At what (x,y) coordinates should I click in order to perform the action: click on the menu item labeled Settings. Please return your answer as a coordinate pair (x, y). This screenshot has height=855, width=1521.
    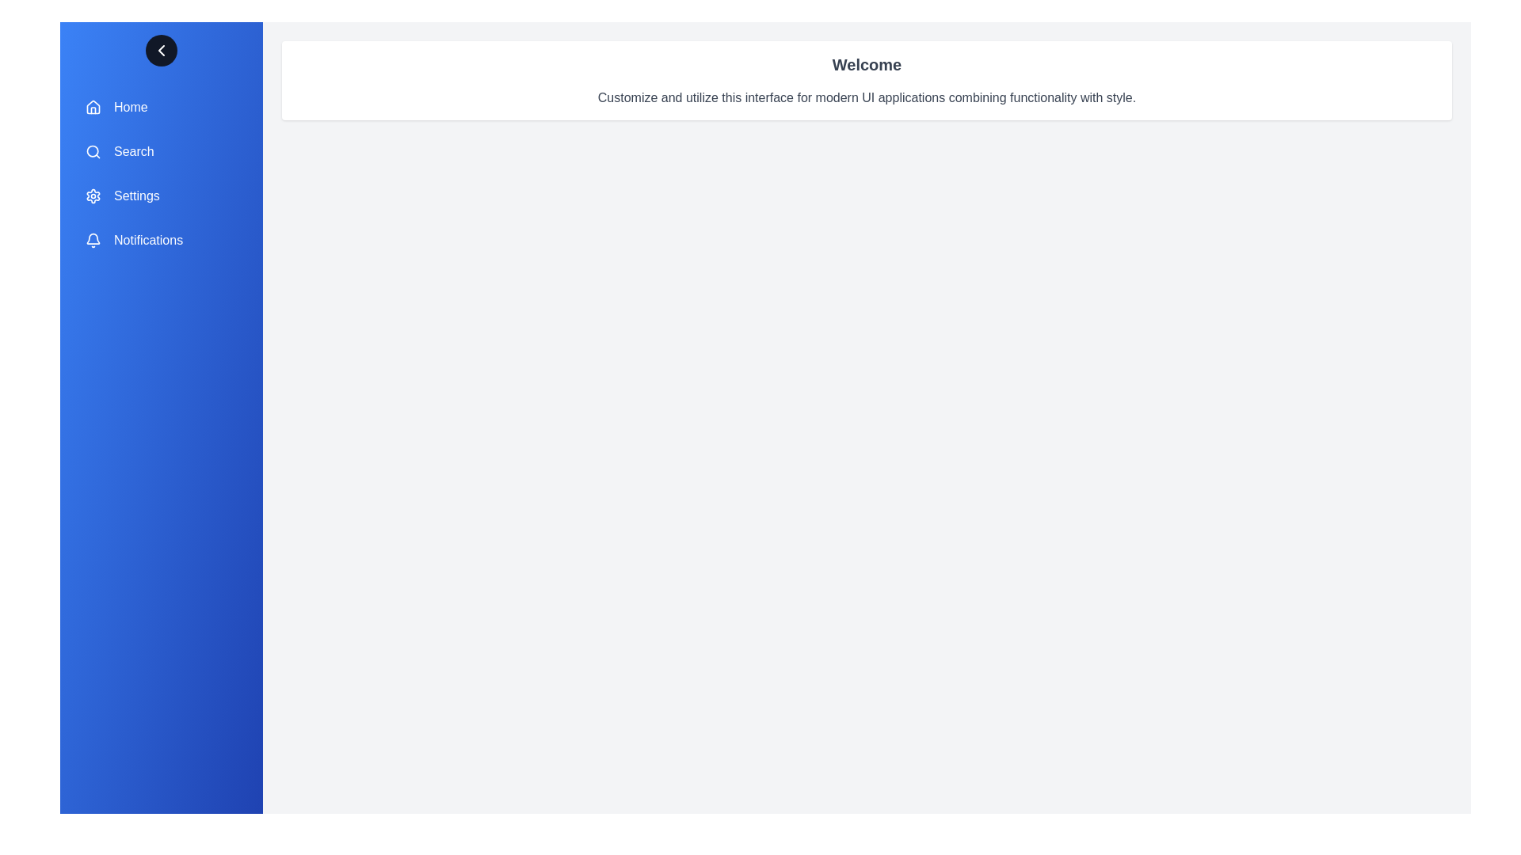
    Looking at the image, I should click on (161, 195).